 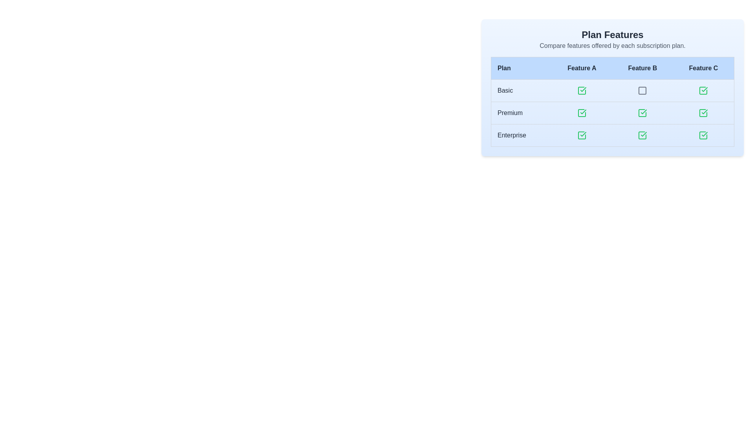 What do you see at coordinates (642, 90) in the screenshot?
I see `the unmarked indicator icon for 'Feature B' in the 'Basic' plan section of the feature comparison table` at bounding box center [642, 90].